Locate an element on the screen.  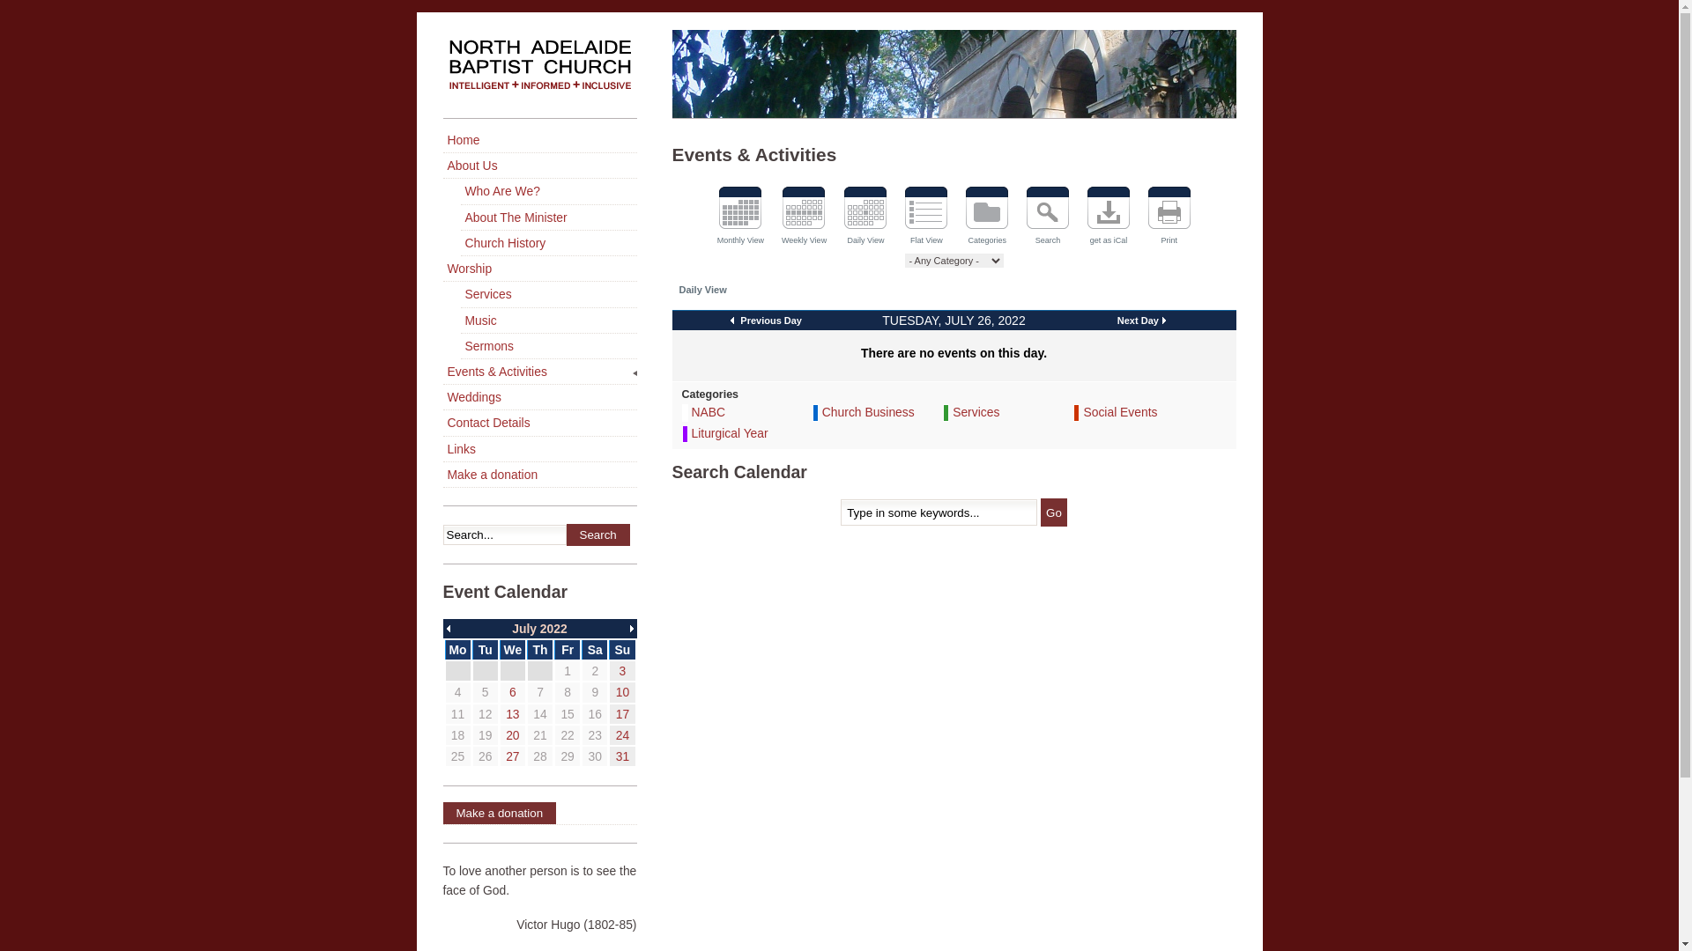
'About Us' is located at coordinates (538, 166).